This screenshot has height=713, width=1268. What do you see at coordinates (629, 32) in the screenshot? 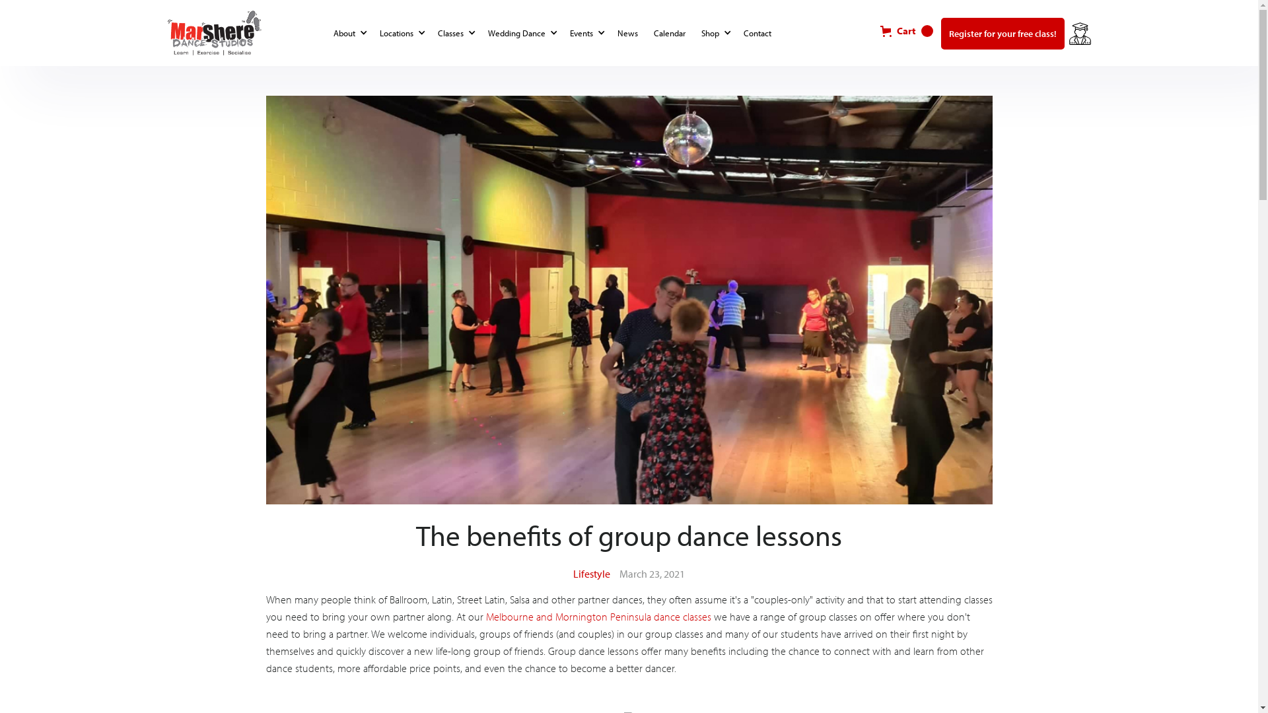
I see `'News'` at bounding box center [629, 32].